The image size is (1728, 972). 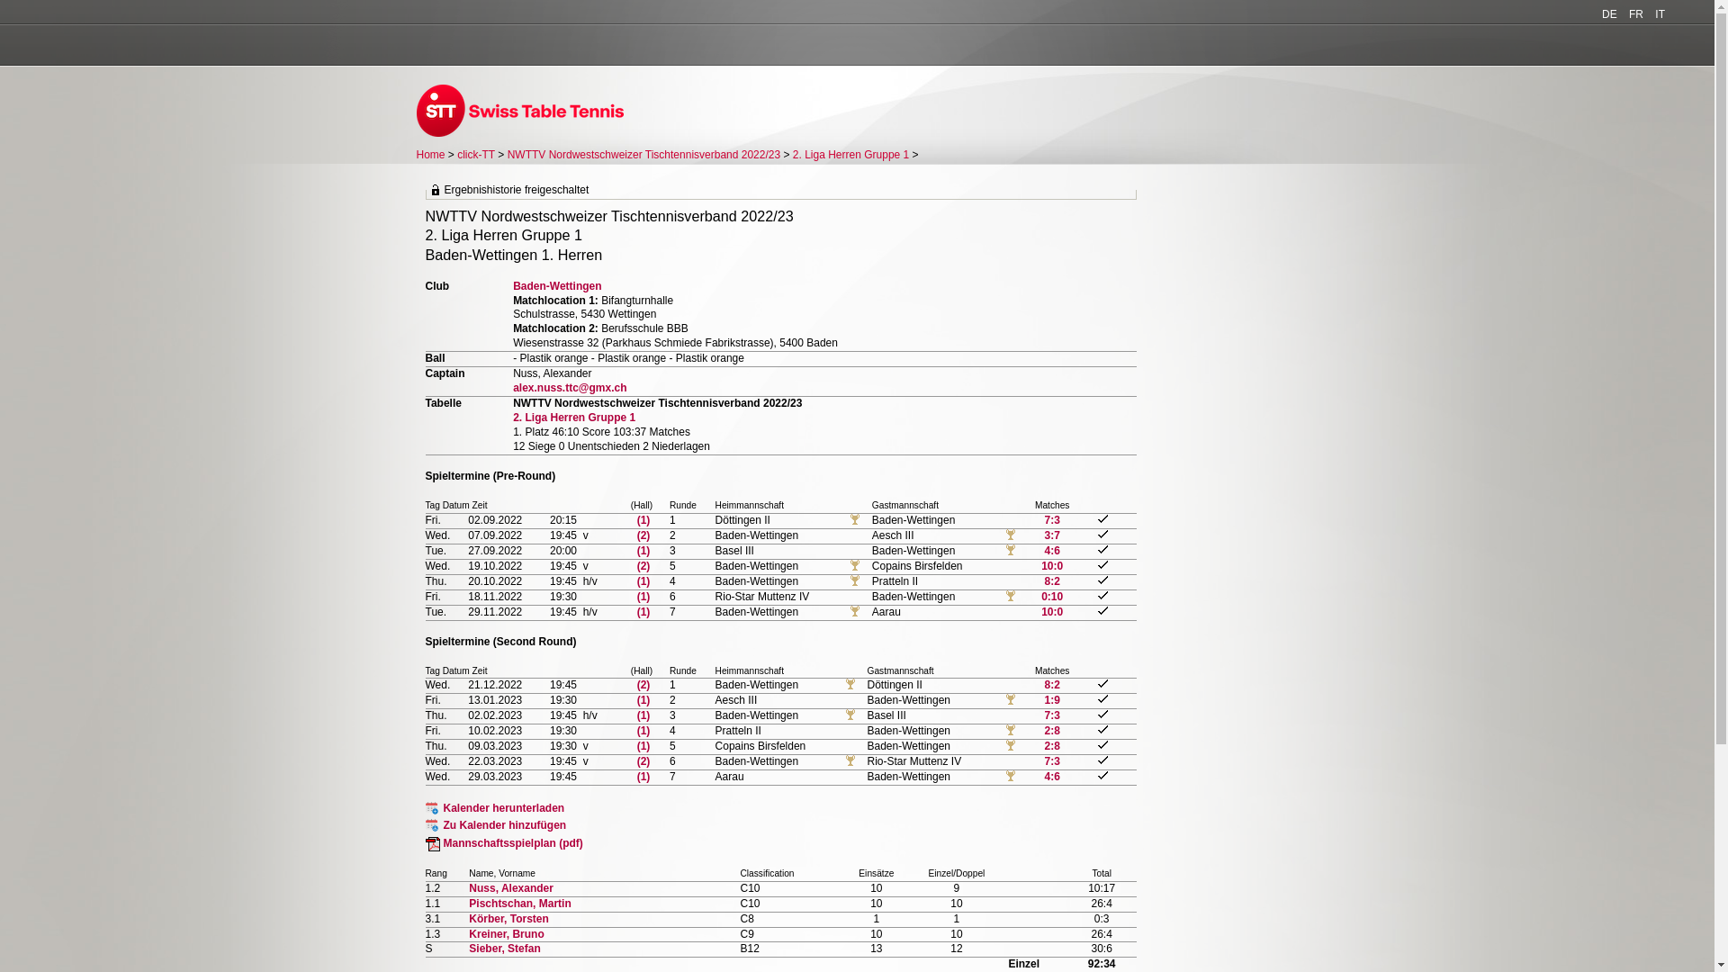 What do you see at coordinates (1096, 729) in the screenshot?
I see `'Spielbericht genehmigt'` at bounding box center [1096, 729].